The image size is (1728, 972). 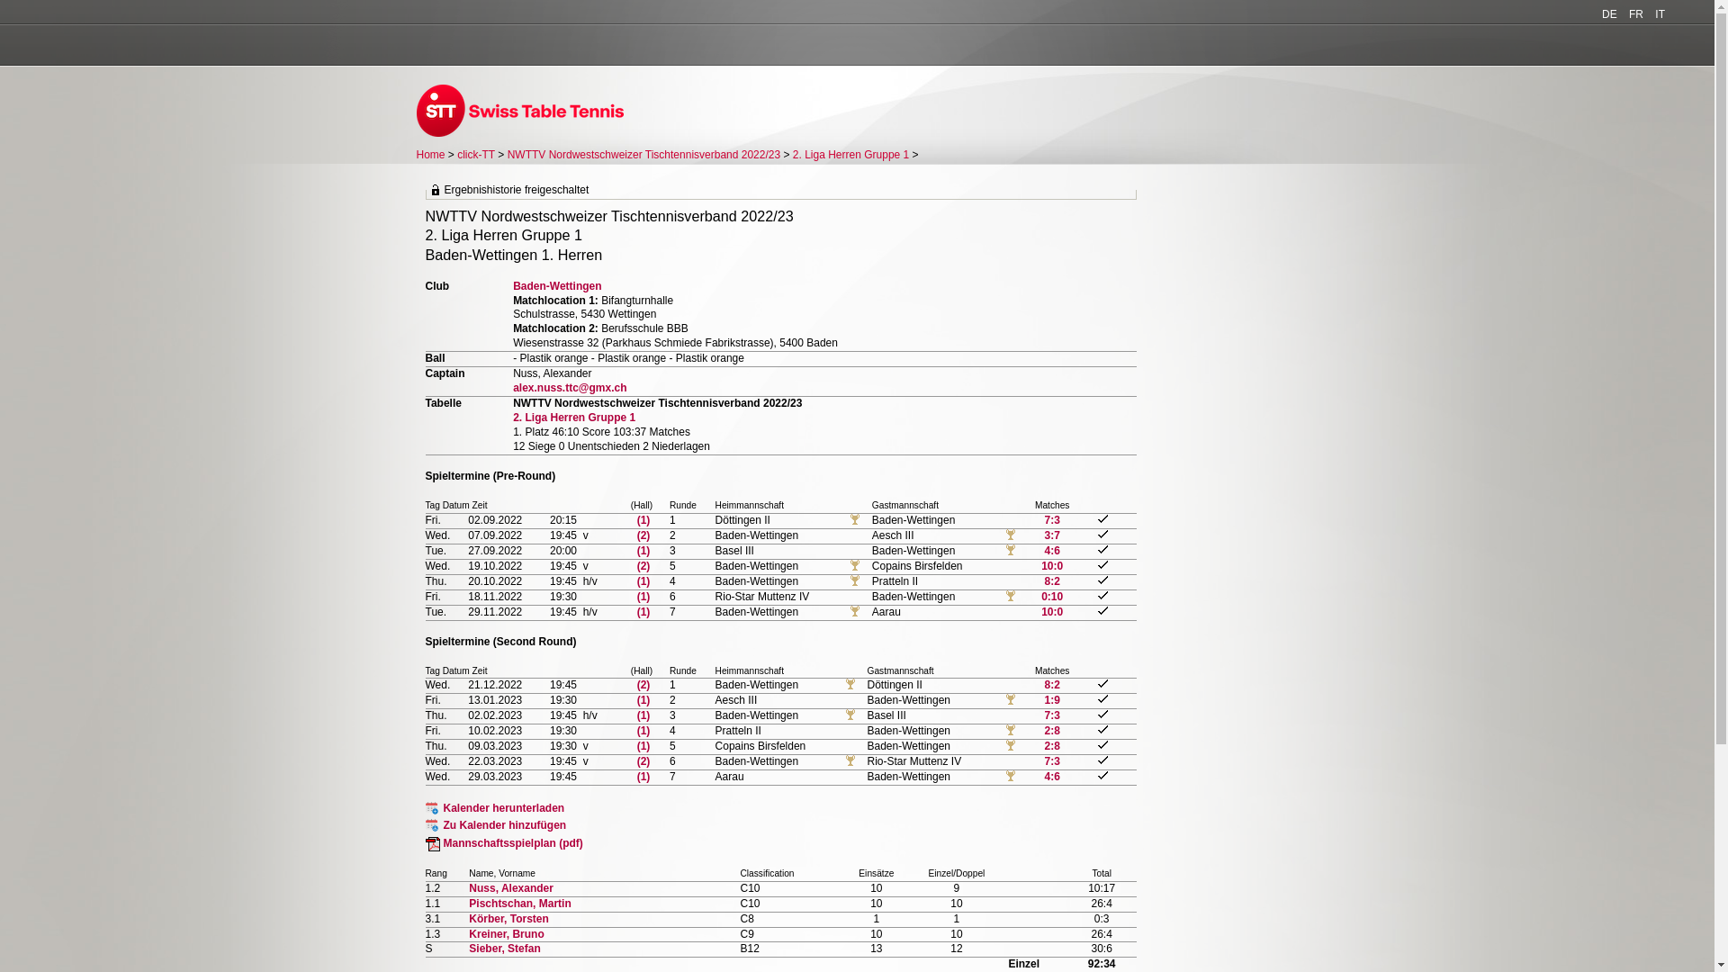 What do you see at coordinates (1096, 729) in the screenshot?
I see `'Spielbericht genehmigt'` at bounding box center [1096, 729].